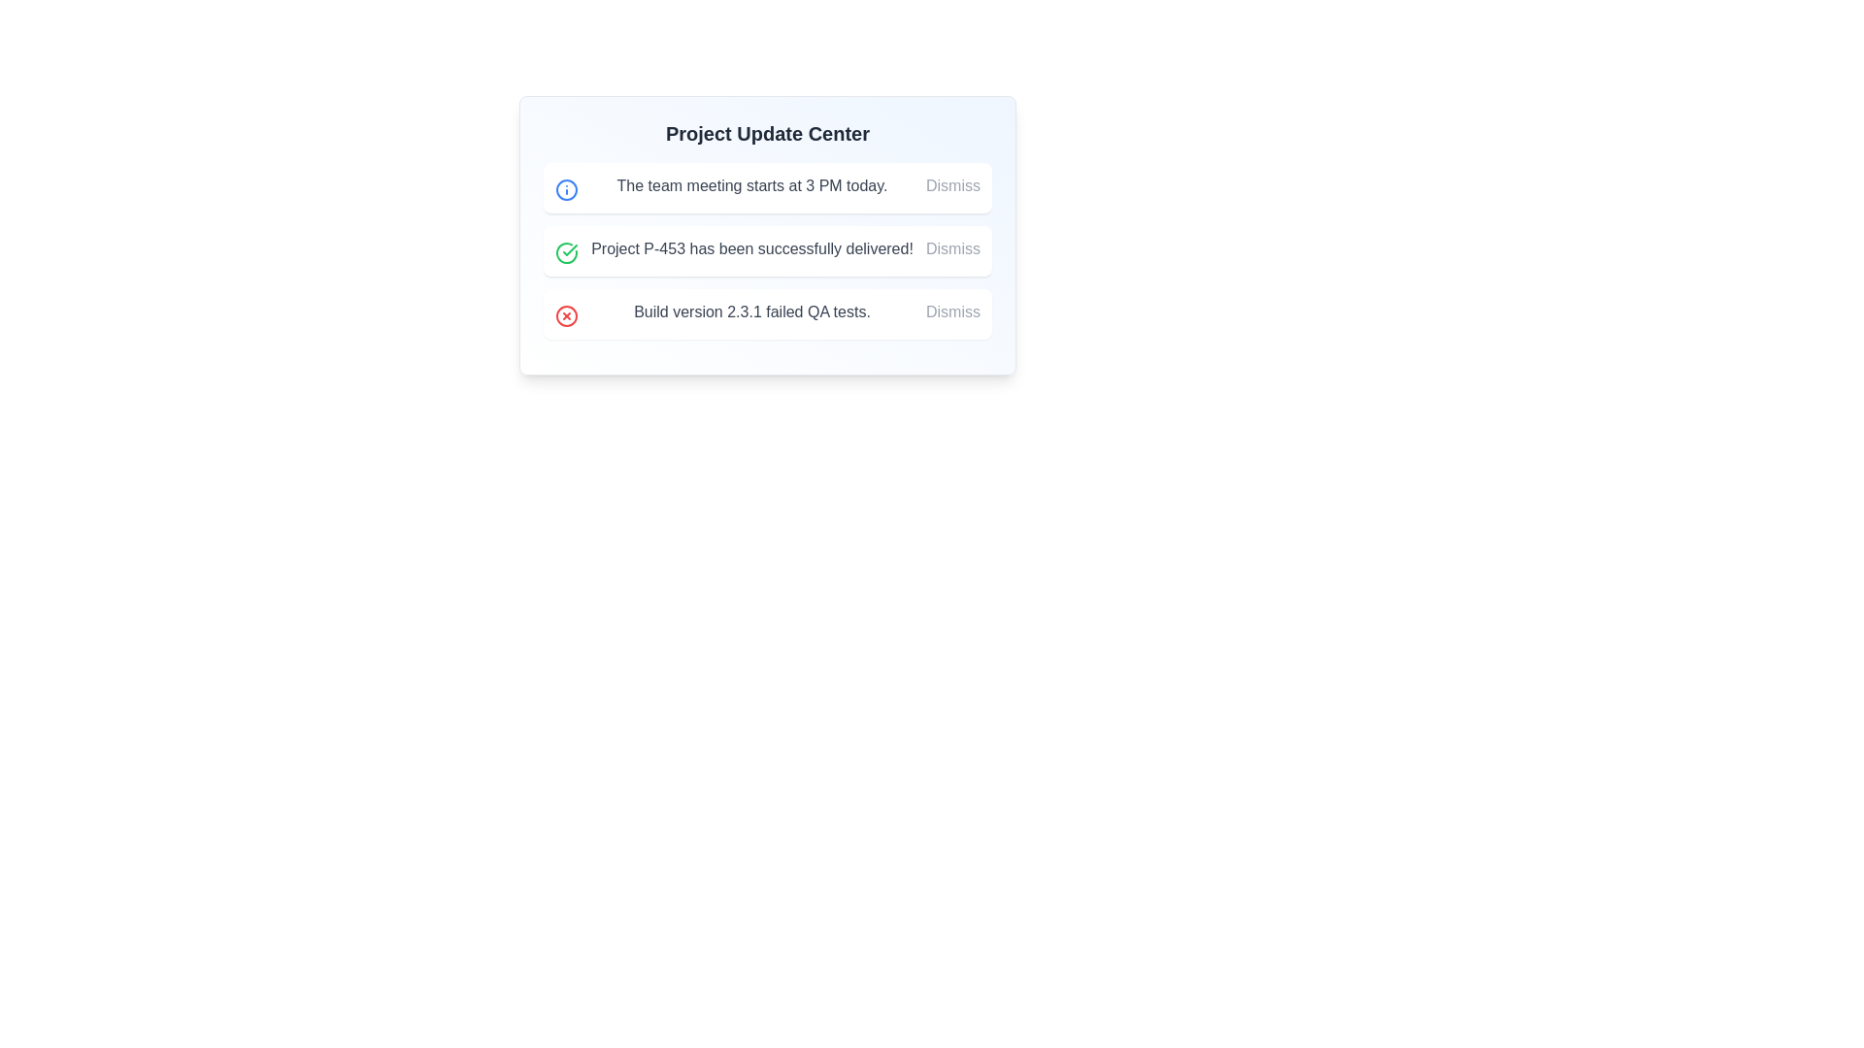 The height and width of the screenshot is (1048, 1864). Describe the element at coordinates (953, 311) in the screenshot. I see `the 'Dismiss' button located at the far-right of the notification item, styled in gray font` at that location.